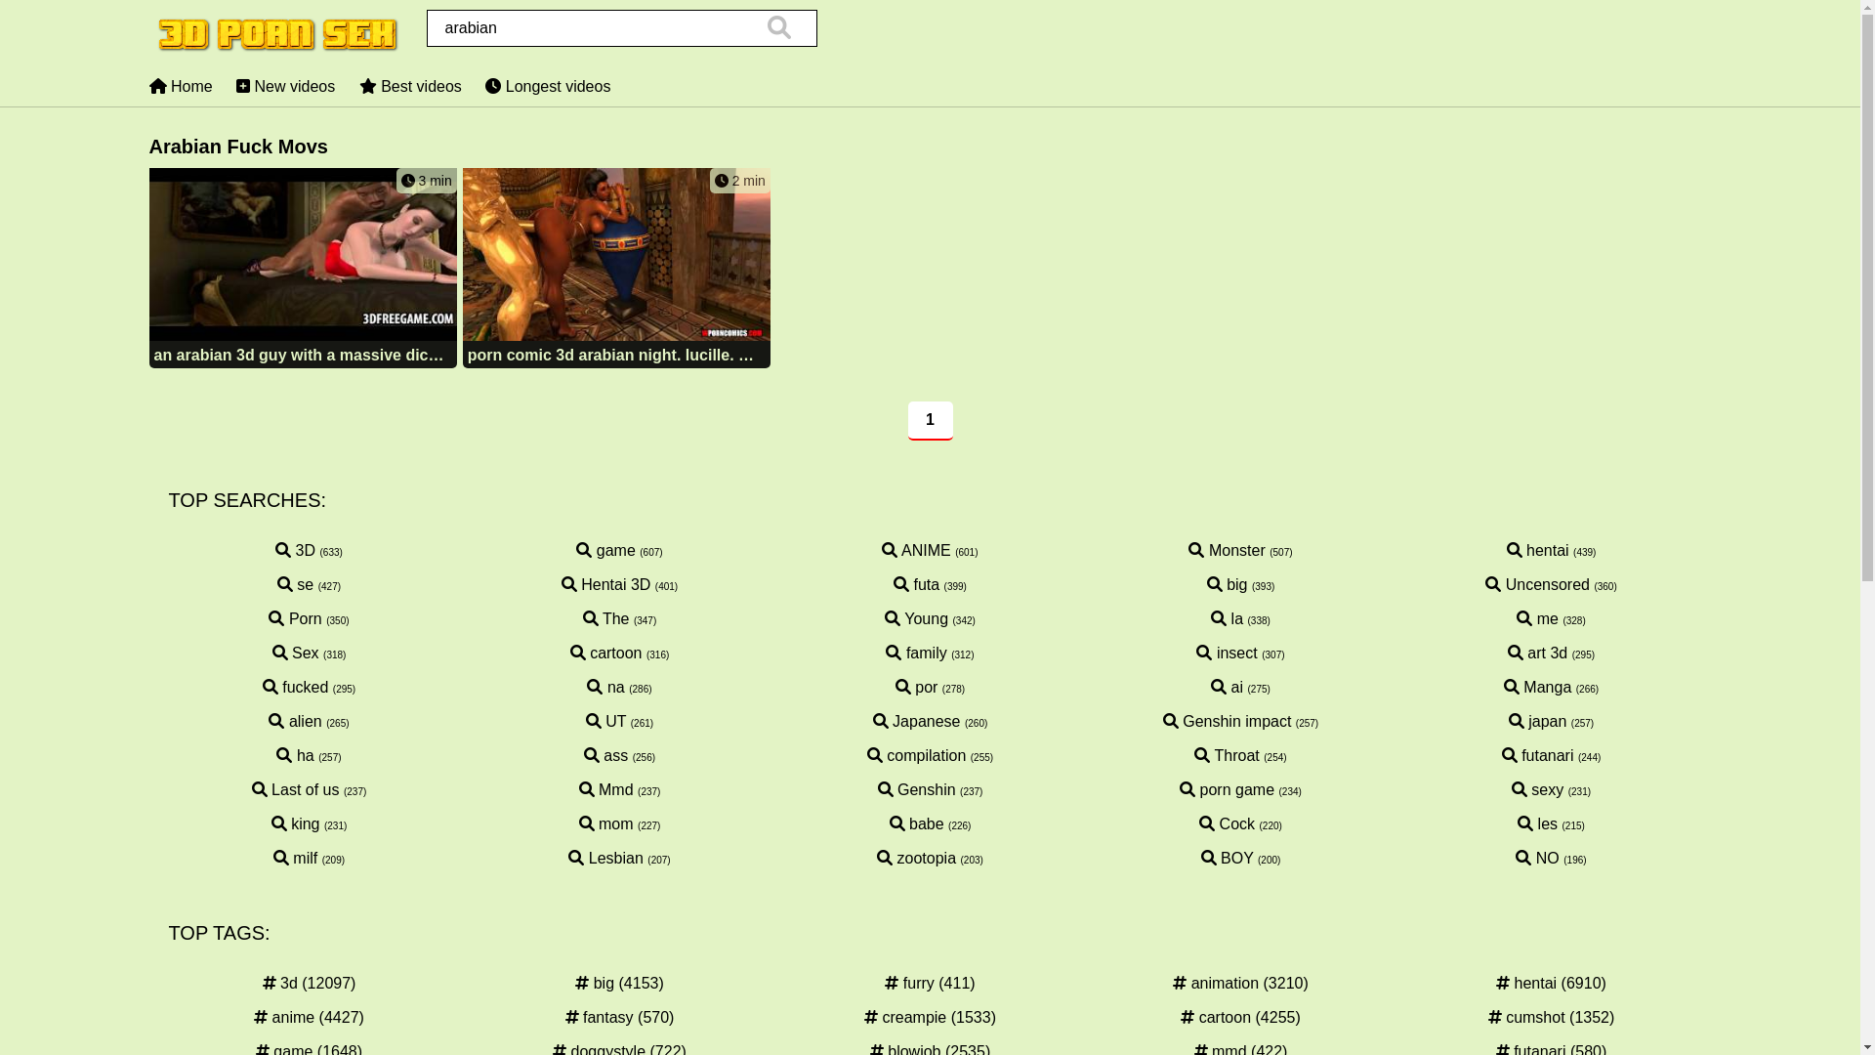 The width and height of the screenshot is (1875, 1055). I want to click on 'por', so click(916, 686).